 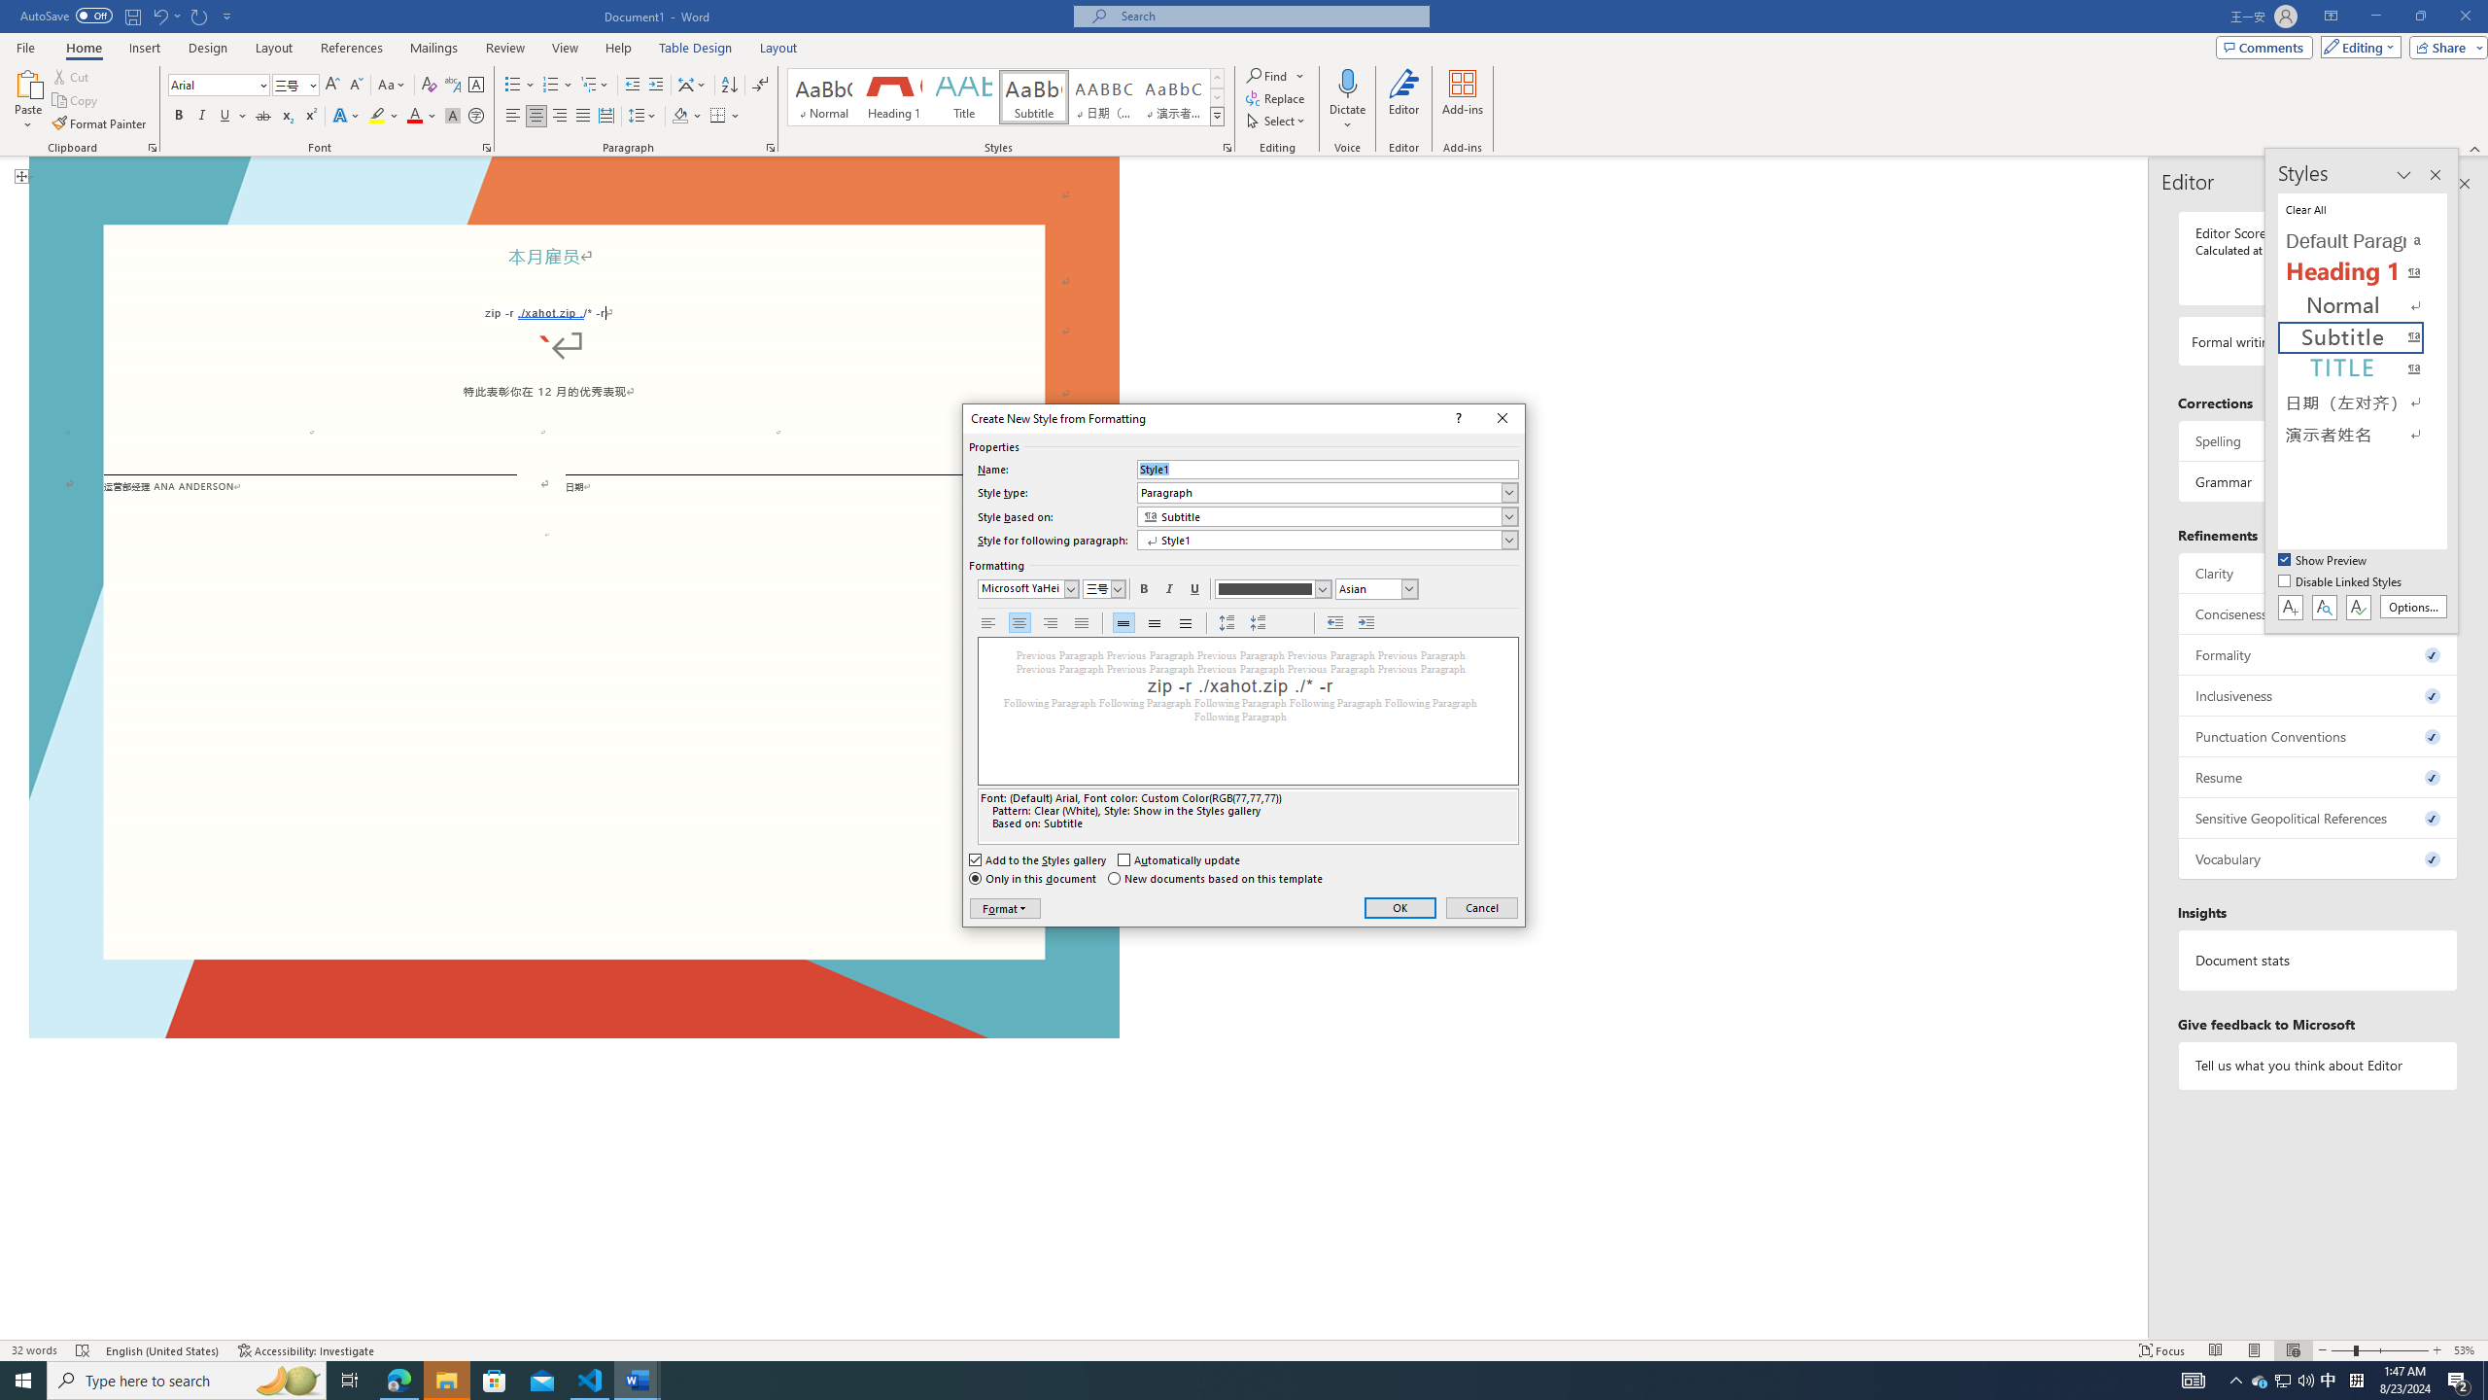 I want to click on 'Microsoft Edge - 1 running window', so click(x=397, y=1379).